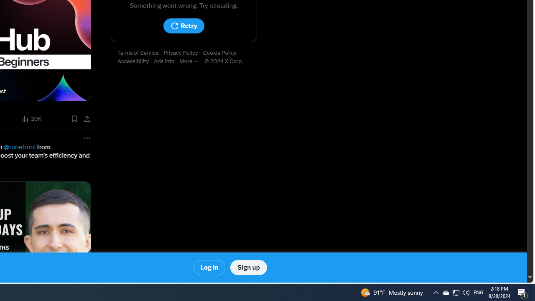  What do you see at coordinates (183, 53) in the screenshot?
I see `'Privacy Policy'` at bounding box center [183, 53].